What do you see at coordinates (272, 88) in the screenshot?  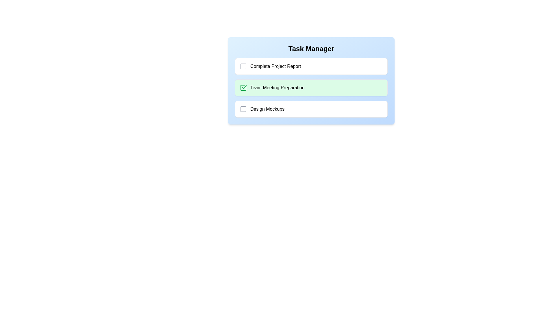 I see `the completed task text label, which is the second entry in the task manager list, indicated by its strikethrough and green background` at bounding box center [272, 88].